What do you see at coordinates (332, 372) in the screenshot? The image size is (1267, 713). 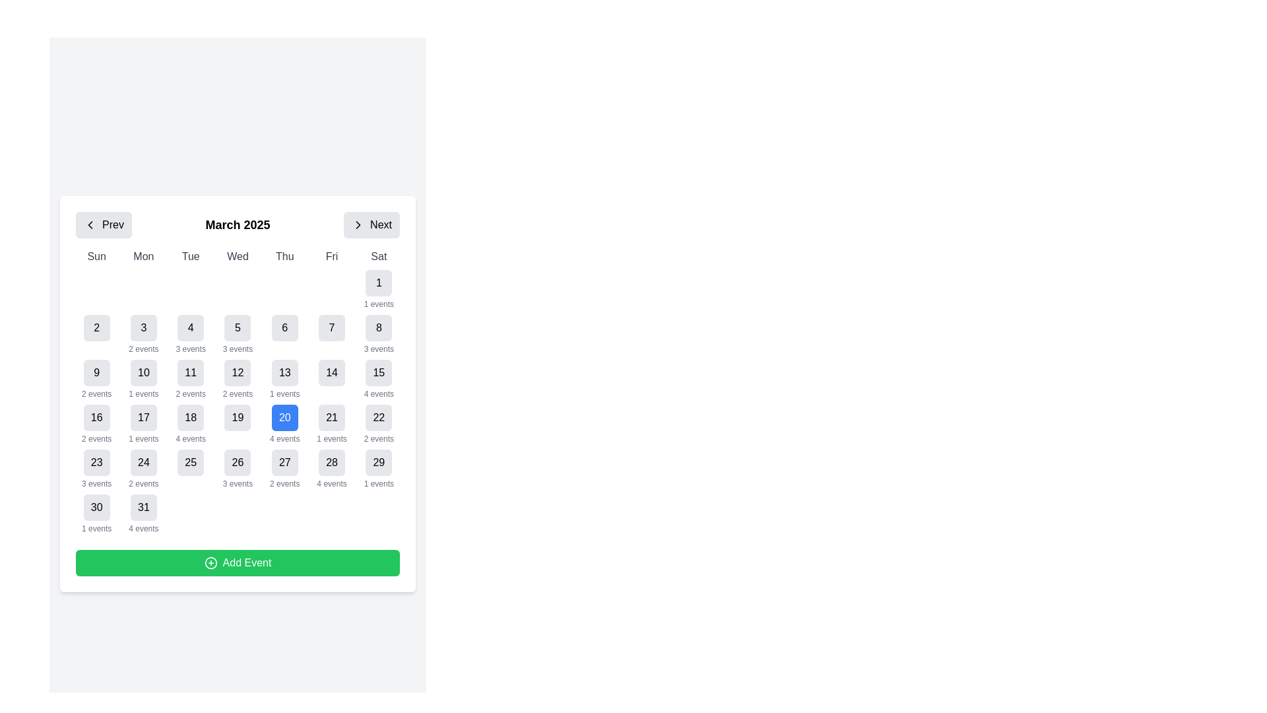 I see `the button representing the 14th day of March 2025 in the calendar interface` at bounding box center [332, 372].